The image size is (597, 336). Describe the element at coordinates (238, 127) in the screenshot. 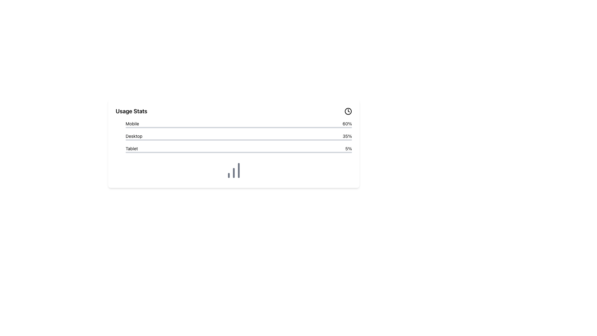

I see `the first progress bar that visually represents 60% completion under the 'Mobile' category` at that location.